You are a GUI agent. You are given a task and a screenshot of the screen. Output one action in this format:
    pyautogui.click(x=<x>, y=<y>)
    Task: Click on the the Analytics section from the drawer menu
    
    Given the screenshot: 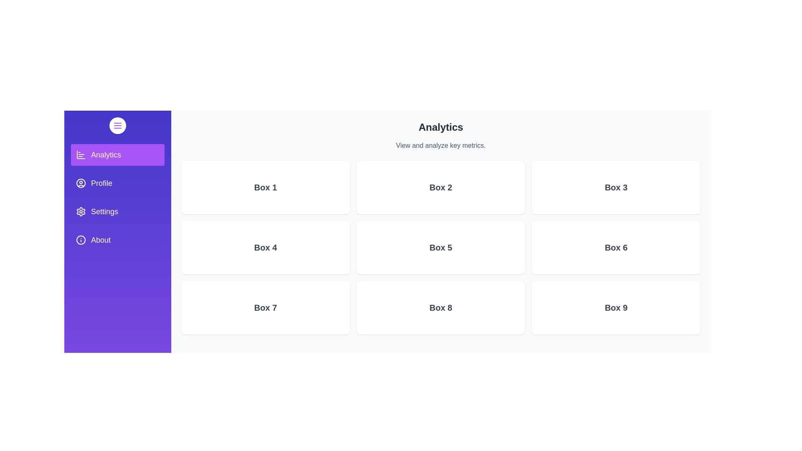 What is the action you would take?
    pyautogui.click(x=117, y=155)
    